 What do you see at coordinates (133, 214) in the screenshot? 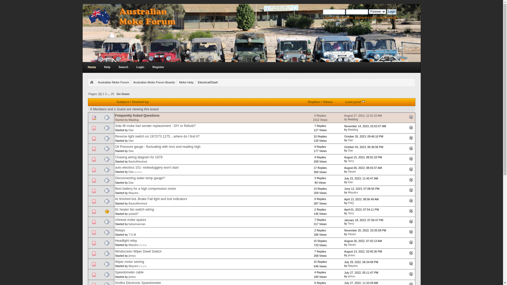
I see `'poida97'` at bounding box center [133, 214].